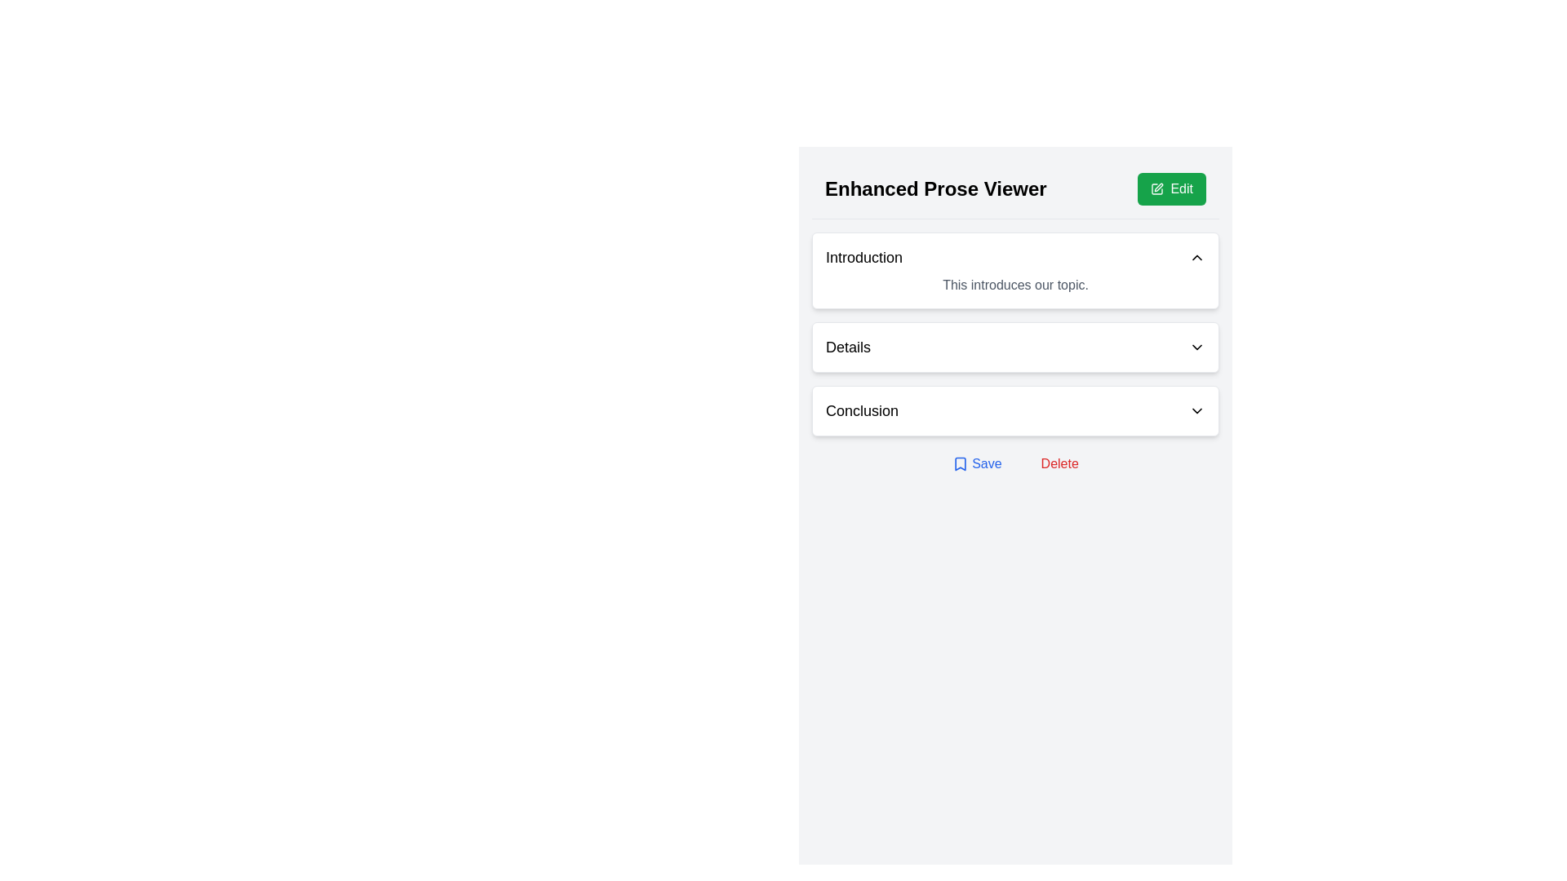  What do you see at coordinates (1197, 346) in the screenshot?
I see `the Dropdown toggle icon located at the right end of the 'Details' label, which serves to toggle the visibility of the associated content` at bounding box center [1197, 346].